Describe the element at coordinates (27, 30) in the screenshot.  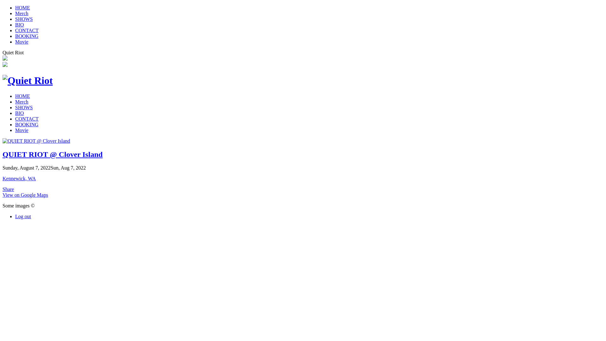
I see `'CONTACT'` at that location.